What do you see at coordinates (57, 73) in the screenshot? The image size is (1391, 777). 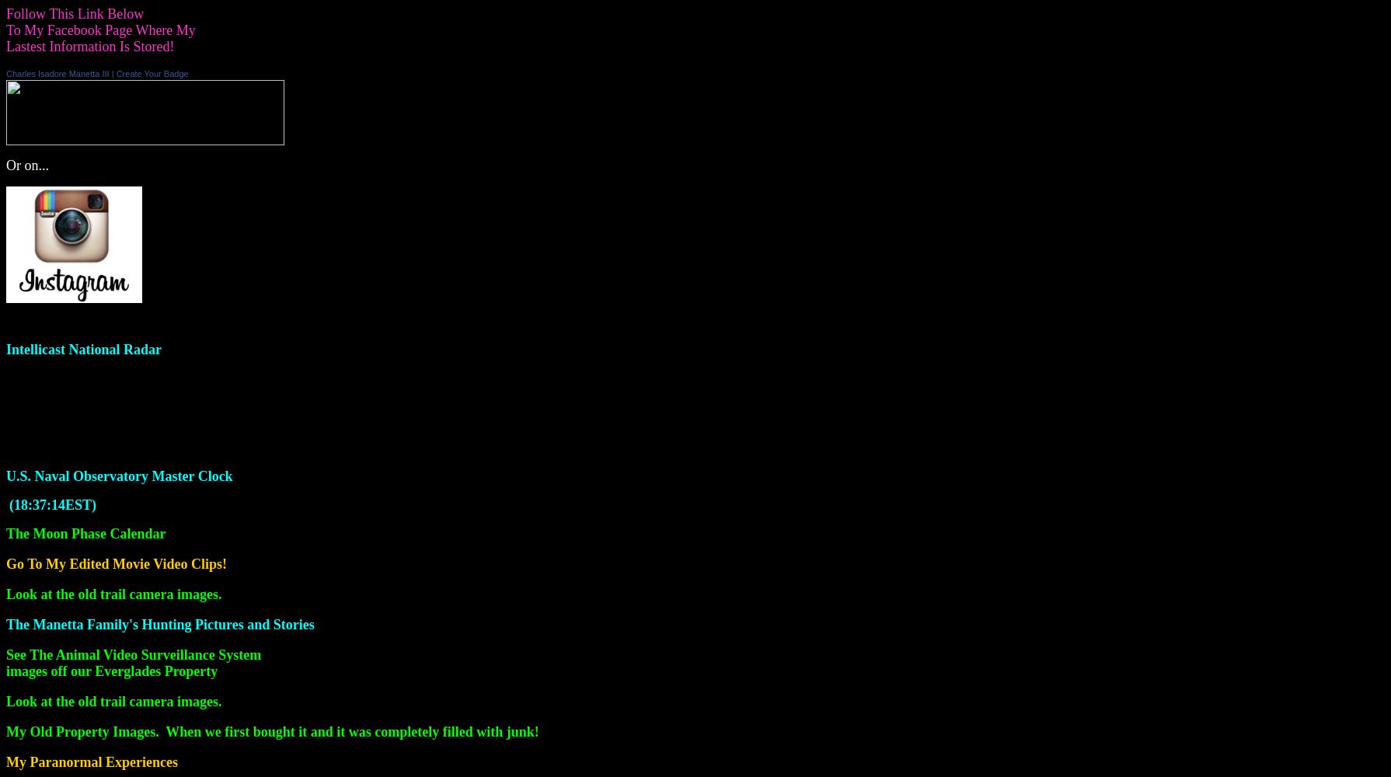 I see `'Charles Isadore Manetta III'` at bounding box center [57, 73].